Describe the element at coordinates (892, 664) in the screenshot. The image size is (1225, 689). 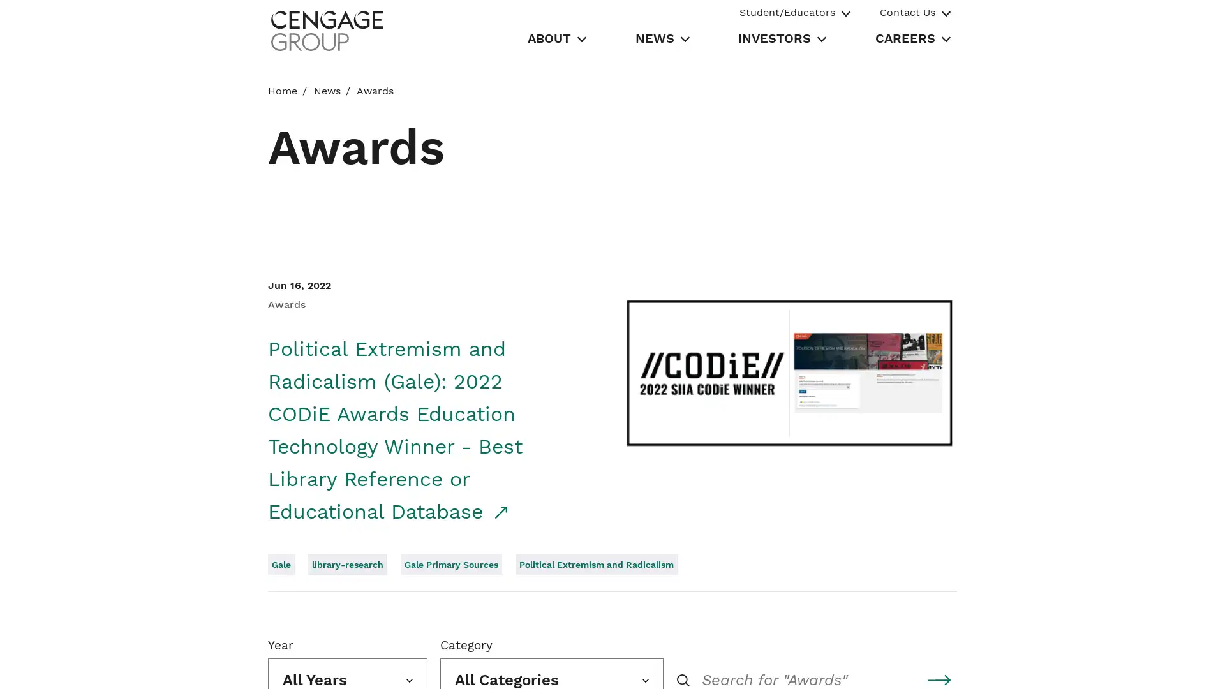
I see `Manage Options` at that location.